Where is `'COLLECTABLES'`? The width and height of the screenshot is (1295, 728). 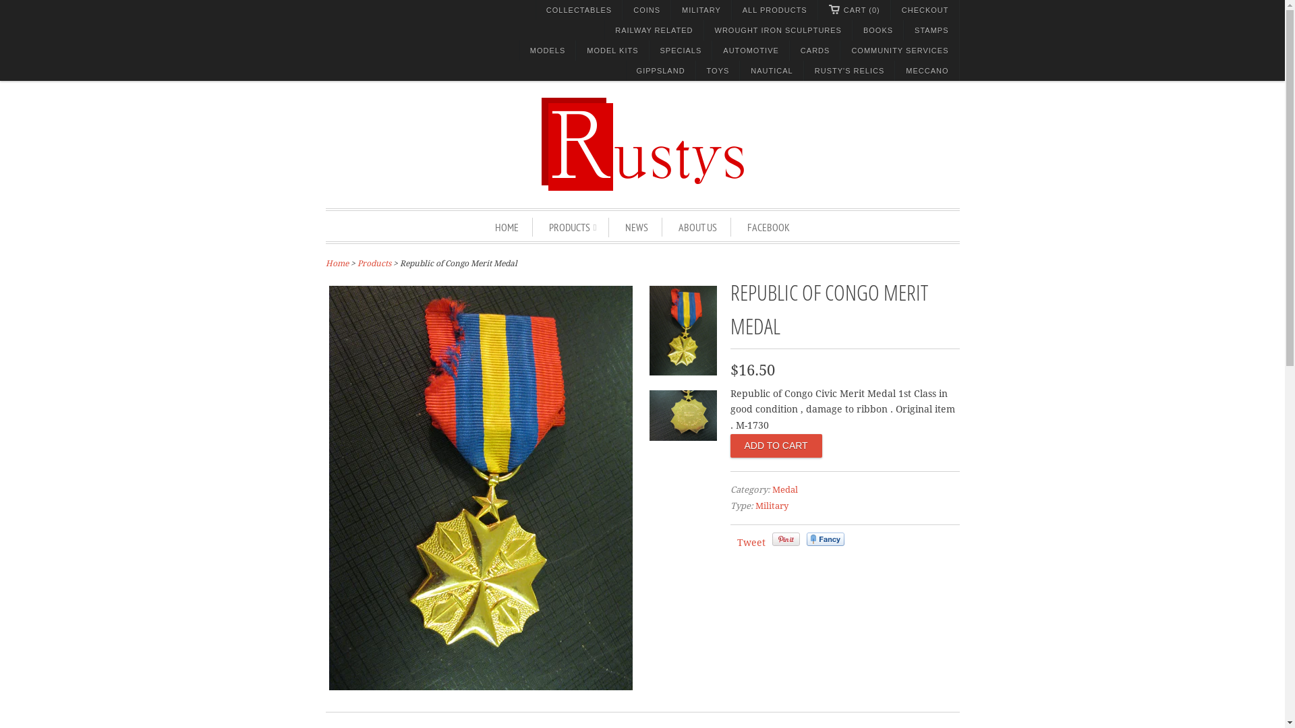 'COLLECTABLES' is located at coordinates (579, 10).